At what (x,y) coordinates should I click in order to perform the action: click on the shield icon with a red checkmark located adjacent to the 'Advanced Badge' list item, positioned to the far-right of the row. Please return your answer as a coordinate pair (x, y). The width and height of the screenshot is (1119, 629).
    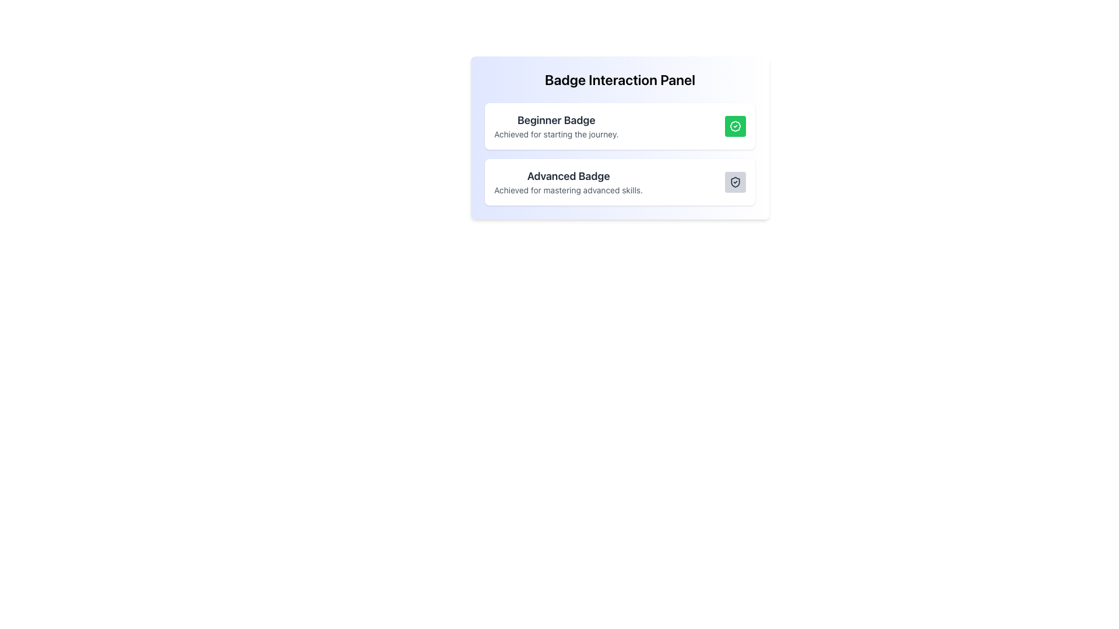
    Looking at the image, I should click on (735, 182).